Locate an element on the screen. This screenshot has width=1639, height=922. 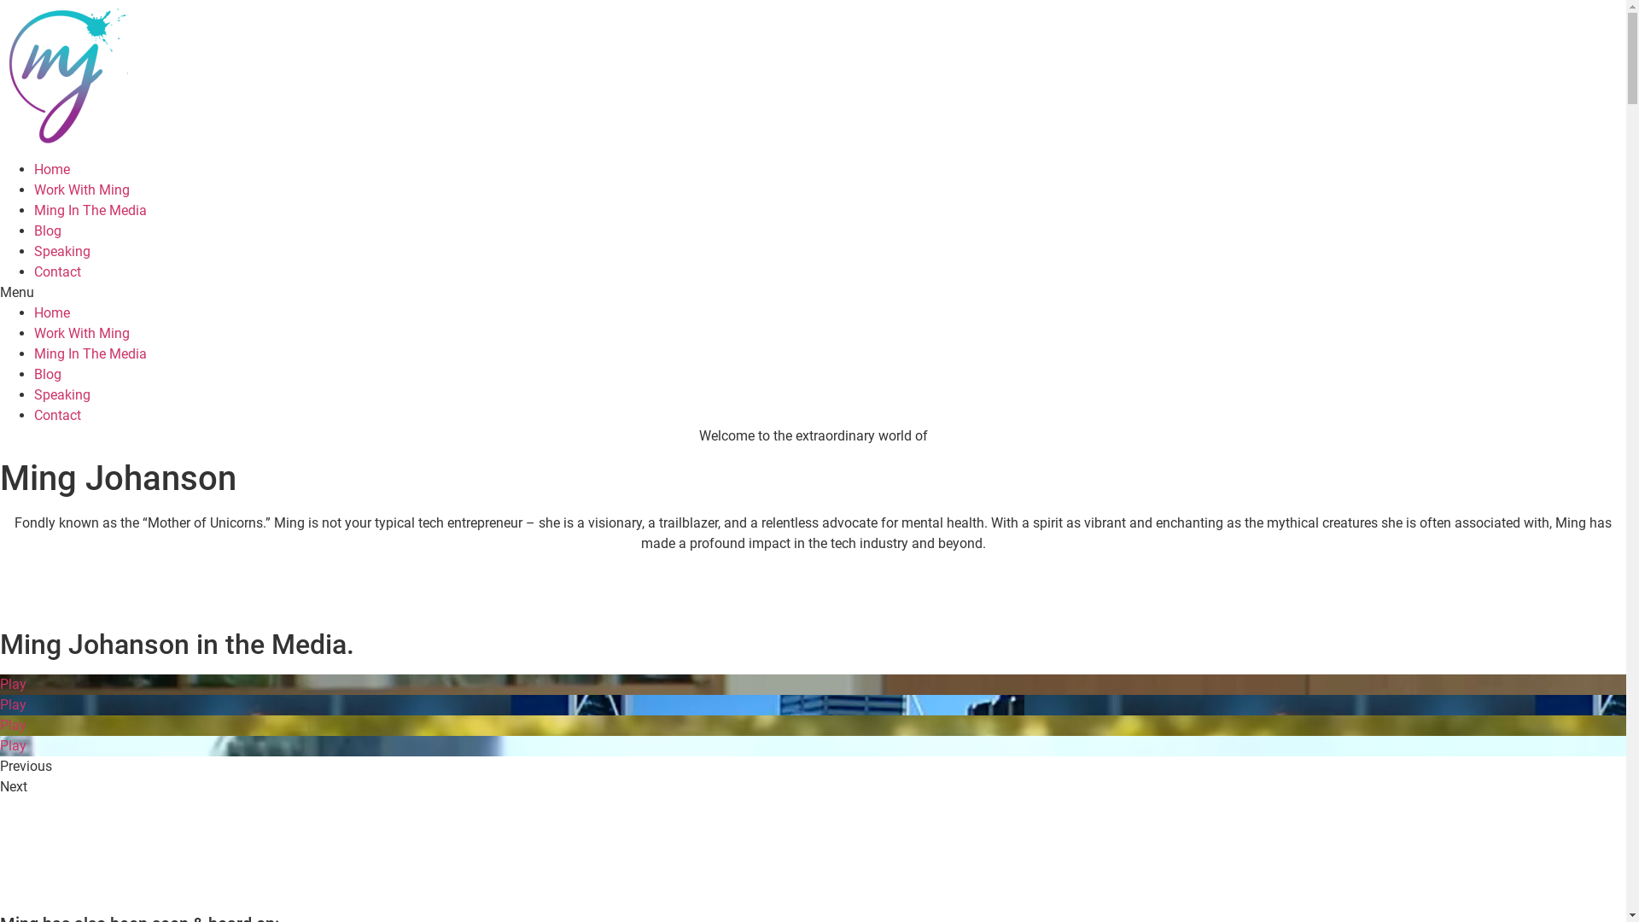
'Home' is located at coordinates (52, 169).